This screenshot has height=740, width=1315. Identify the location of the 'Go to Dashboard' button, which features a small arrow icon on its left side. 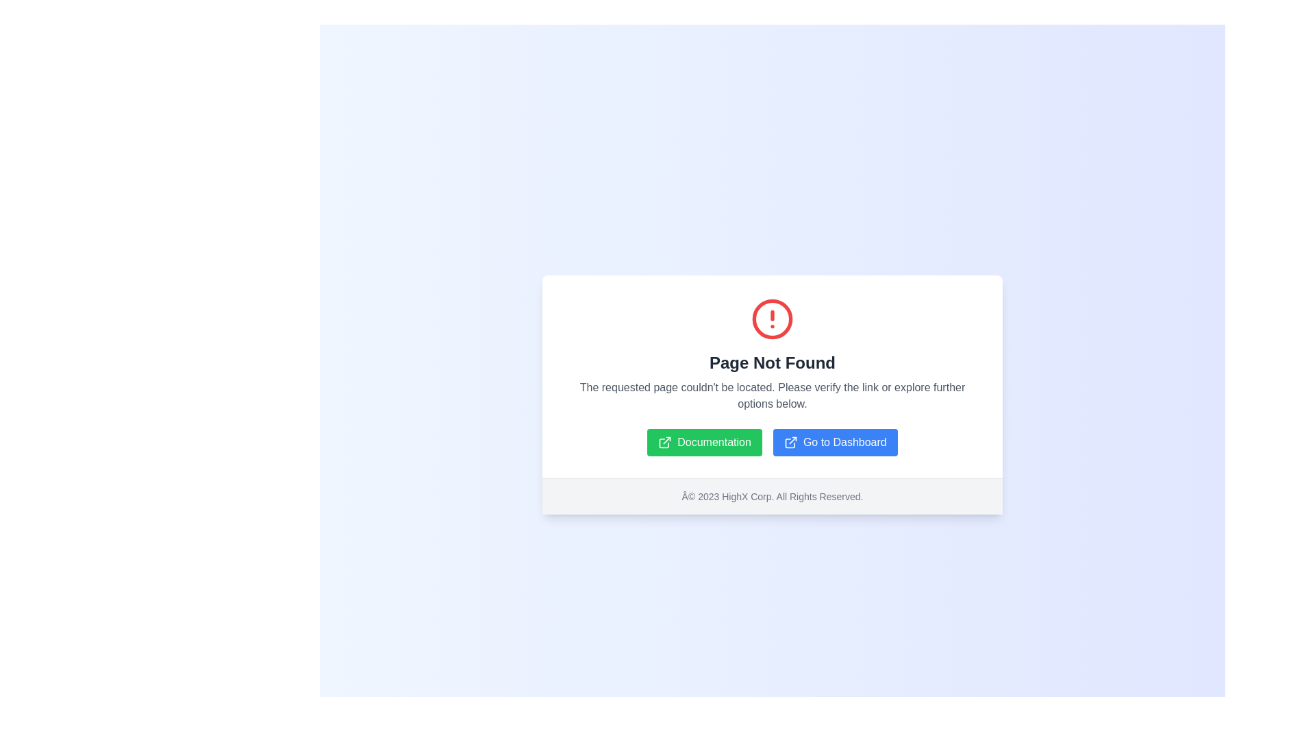
(790, 442).